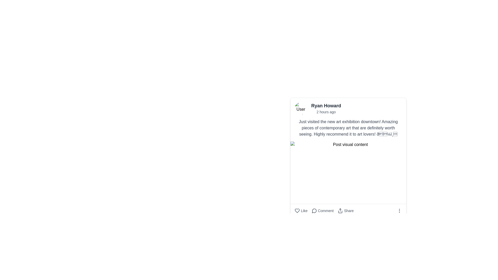 Image resolution: width=498 pixels, height=280 pixels. Describe the element at coordinates (348, 128) in the screenshot. I see `the text block styled in gray font that contains recommendations for a new art exhibition, positioned beneath 'Ryan Howard' and above the 'Post visual content' area` at that location.